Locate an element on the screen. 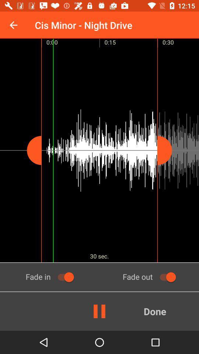 The image size is (199, 354). the item next to done icon is located at coordinates (99, 311).